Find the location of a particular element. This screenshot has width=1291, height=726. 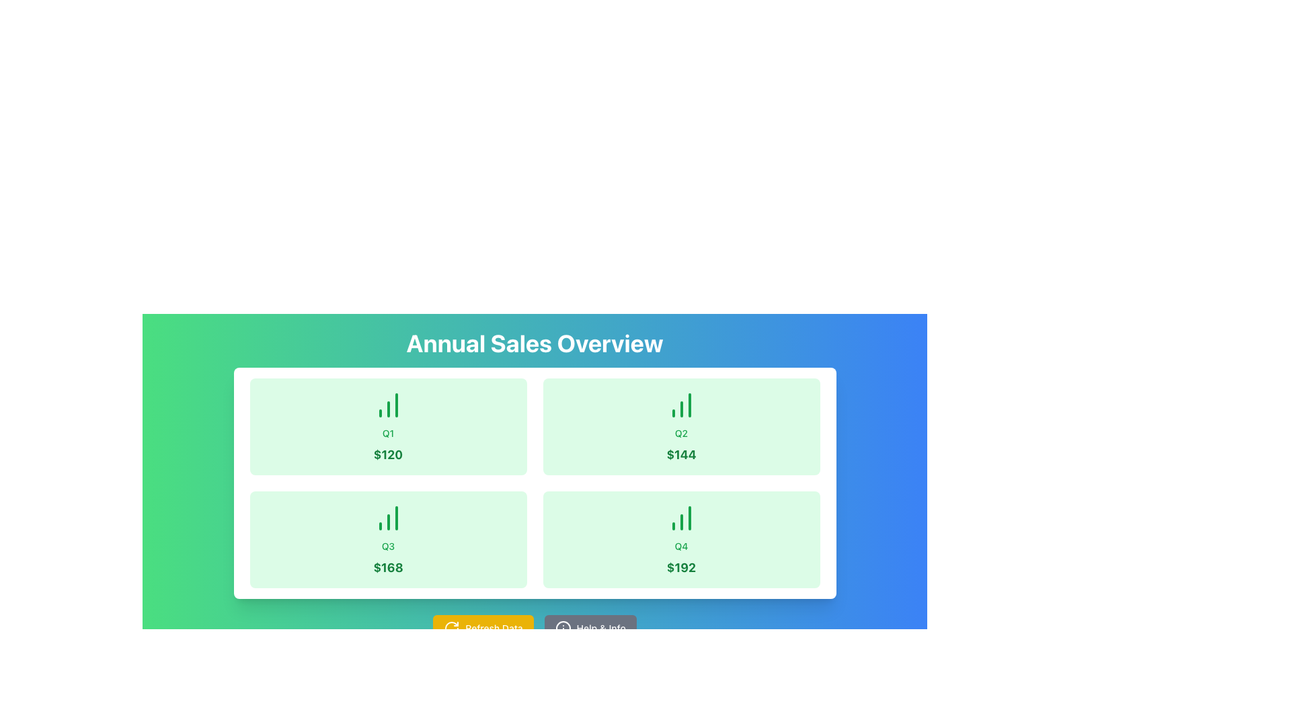

the green-colored bar chart icon representing data for Q4, located centrally at the top of the green-tinted card with the text '$192' is located at coordinates (681, 518).